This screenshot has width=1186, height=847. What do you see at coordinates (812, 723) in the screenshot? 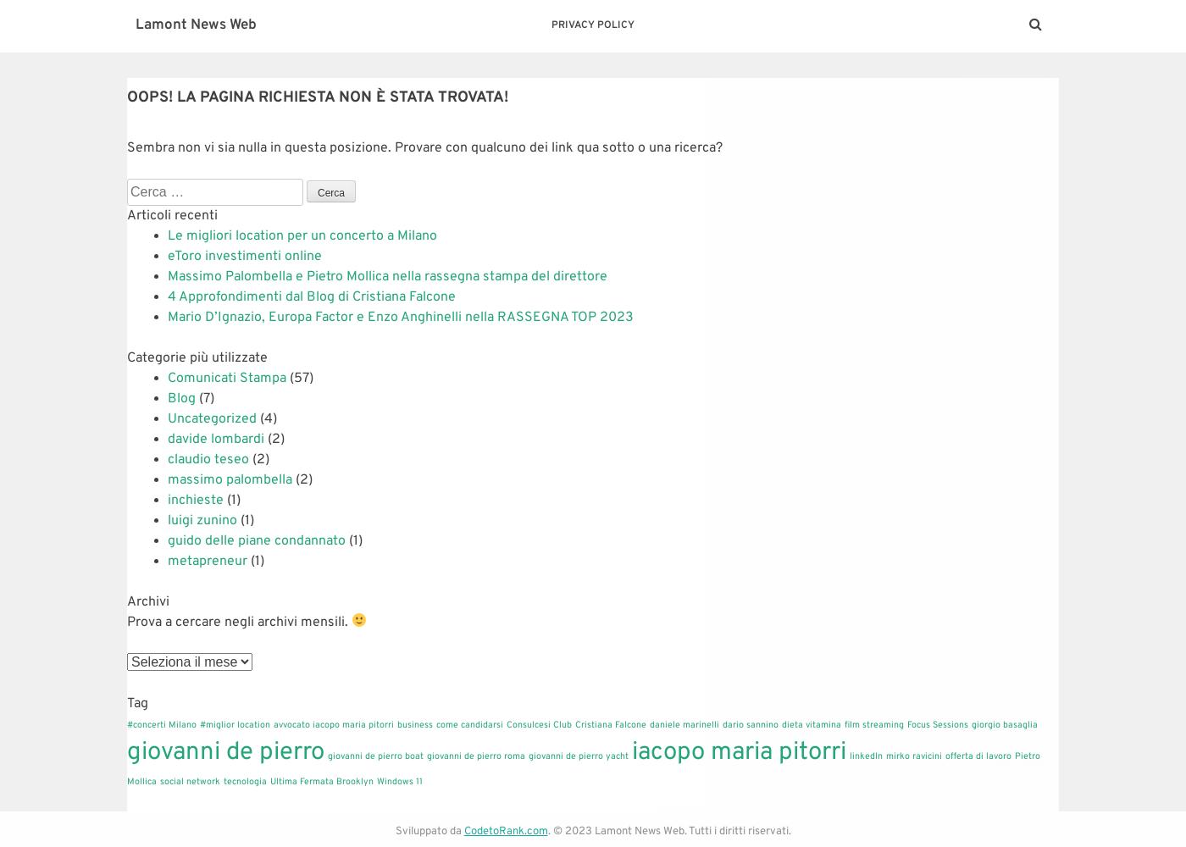
I see `'dieta vitamina'` at bounding box center [812, 723].